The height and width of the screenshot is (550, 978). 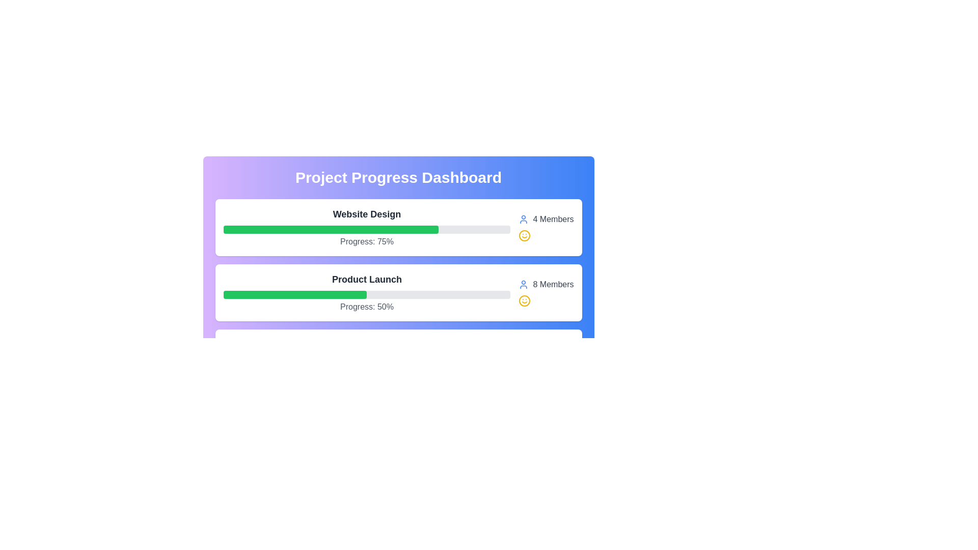 I want to click on the progress indicator bar that visualizes 75% progress for 'Website Design', positioned below the header and above the progress text, so click(x=367, y=230).